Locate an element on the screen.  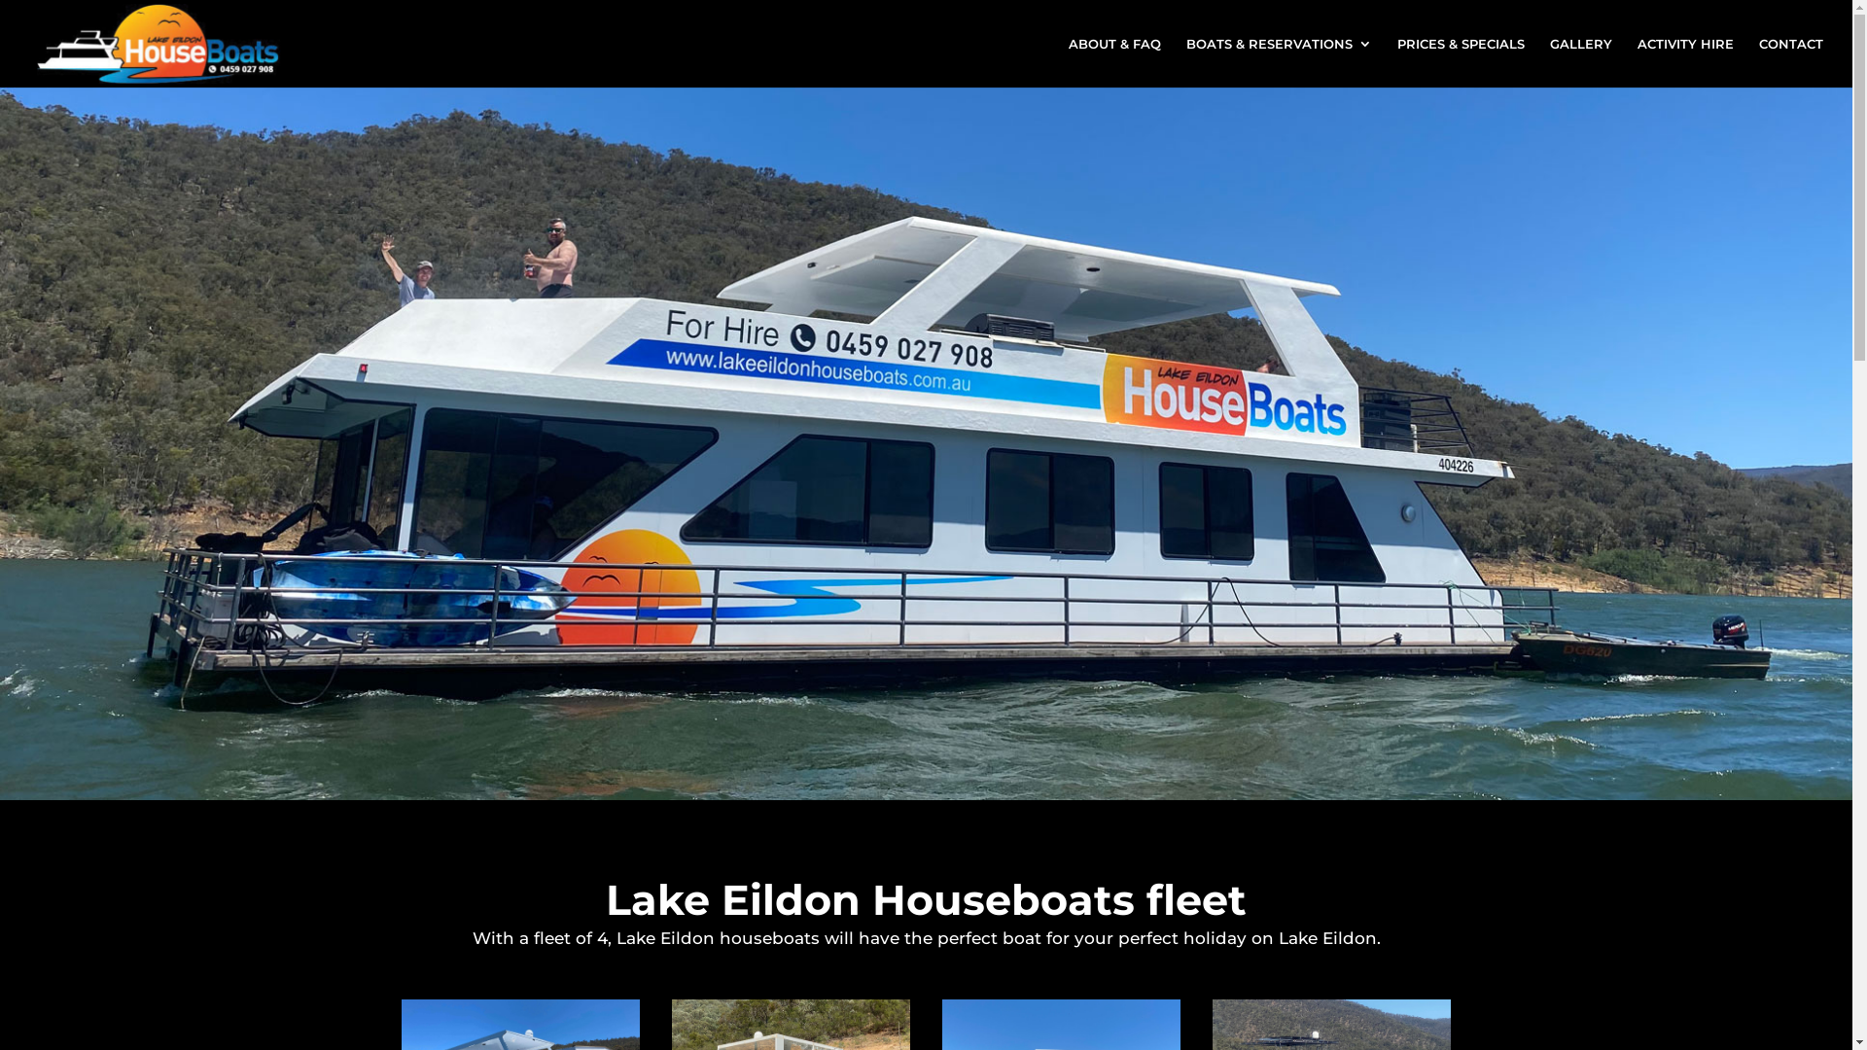
'CONTACT' is located at coordinates (1790, 61).